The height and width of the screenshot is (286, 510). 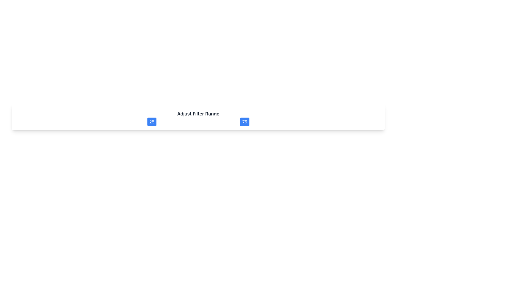 I want to click on slider value, so click(x=214, y=124).